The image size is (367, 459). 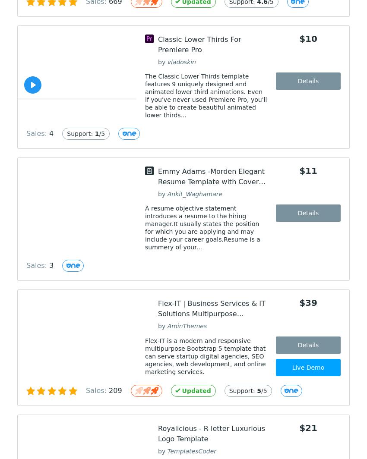 I want to click on '3', so click(x=51, y=265).